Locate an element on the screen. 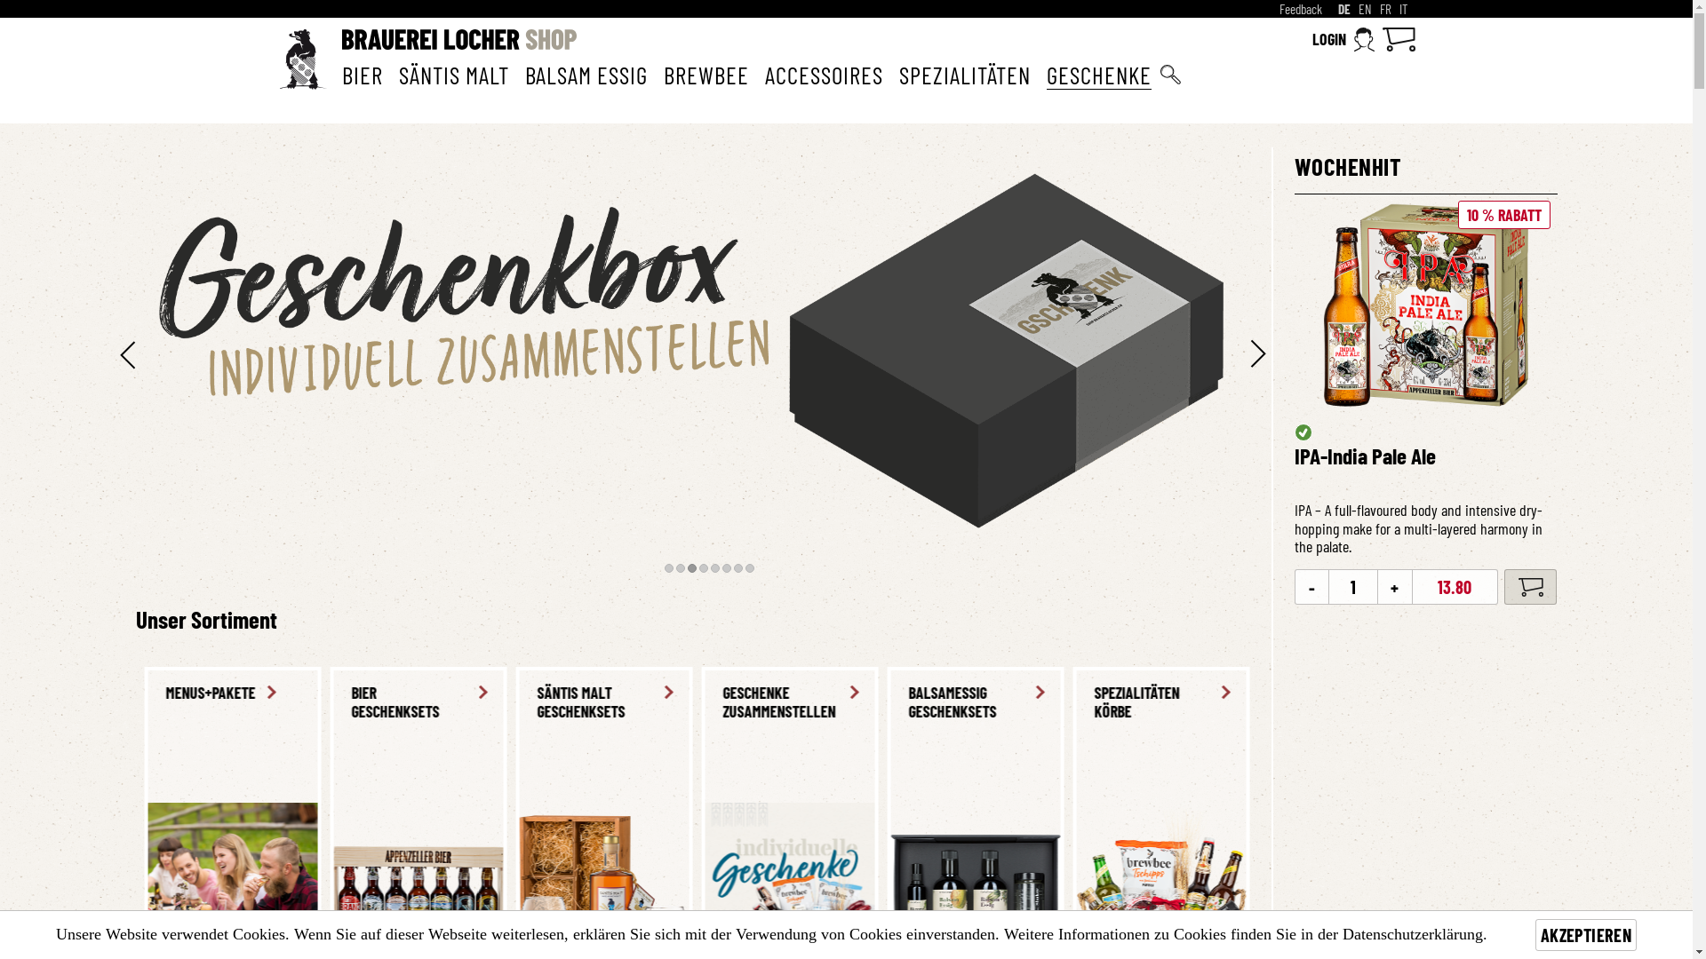 This screenshot has height=959, width=1706. '+' is located at coordinates (1393, 586).